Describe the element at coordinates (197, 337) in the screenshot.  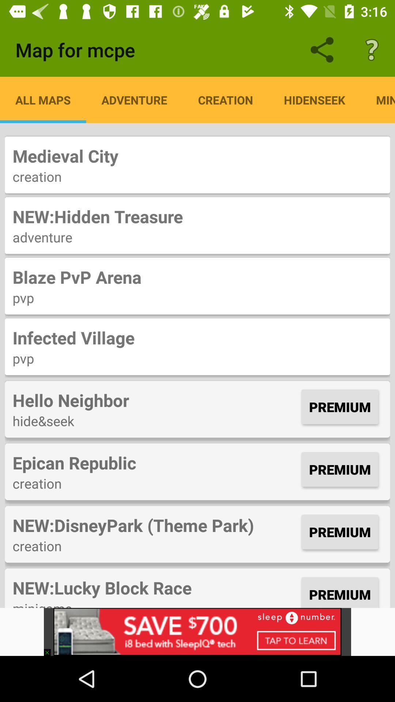
I see `icon above the pvp item` at that location.